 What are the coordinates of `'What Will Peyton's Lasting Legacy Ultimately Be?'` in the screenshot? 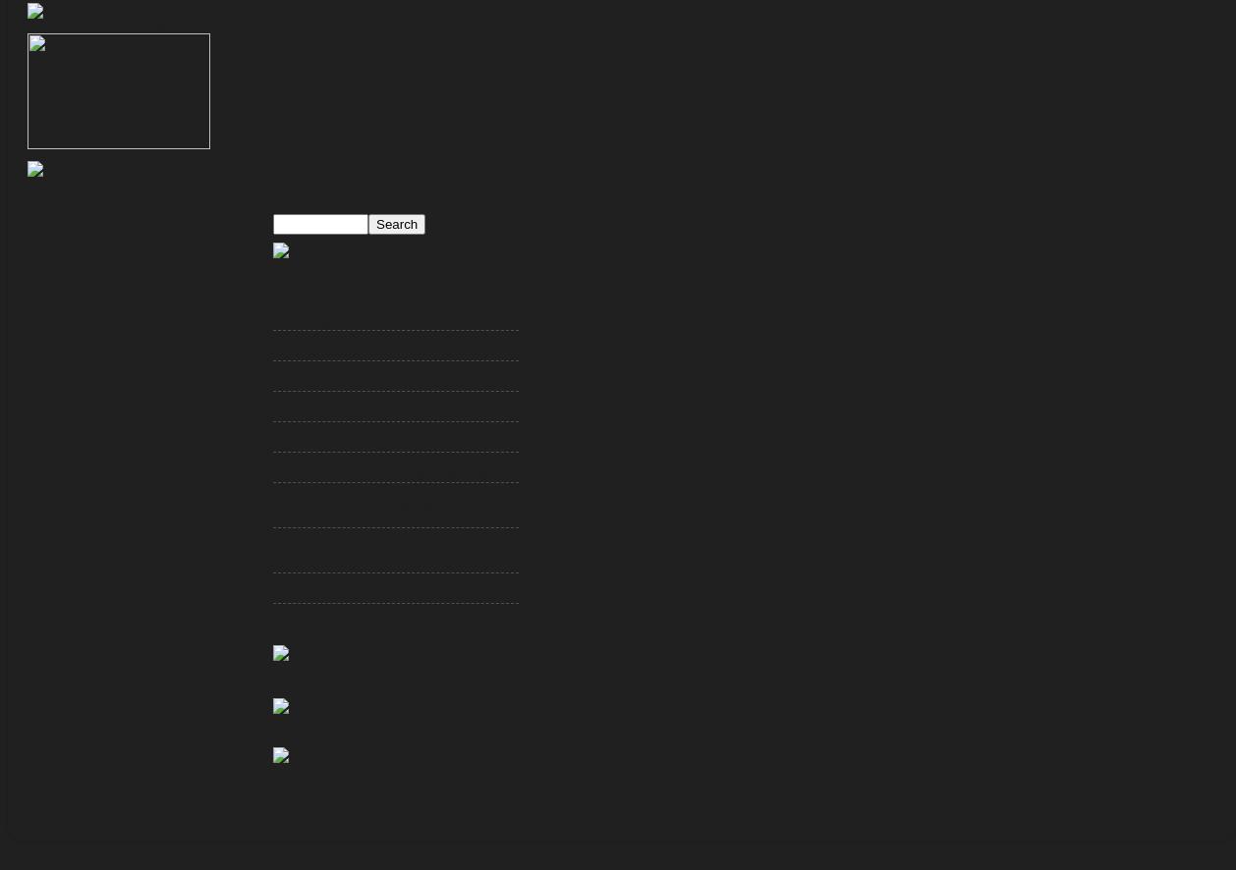 It's located at (273, 510).